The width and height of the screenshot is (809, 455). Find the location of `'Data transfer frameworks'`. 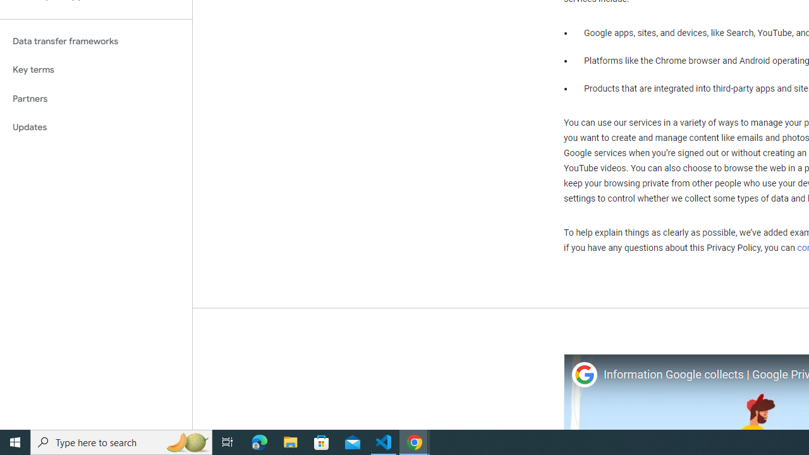

'Data transfer frameworks' is located at coordinates (95, 40).